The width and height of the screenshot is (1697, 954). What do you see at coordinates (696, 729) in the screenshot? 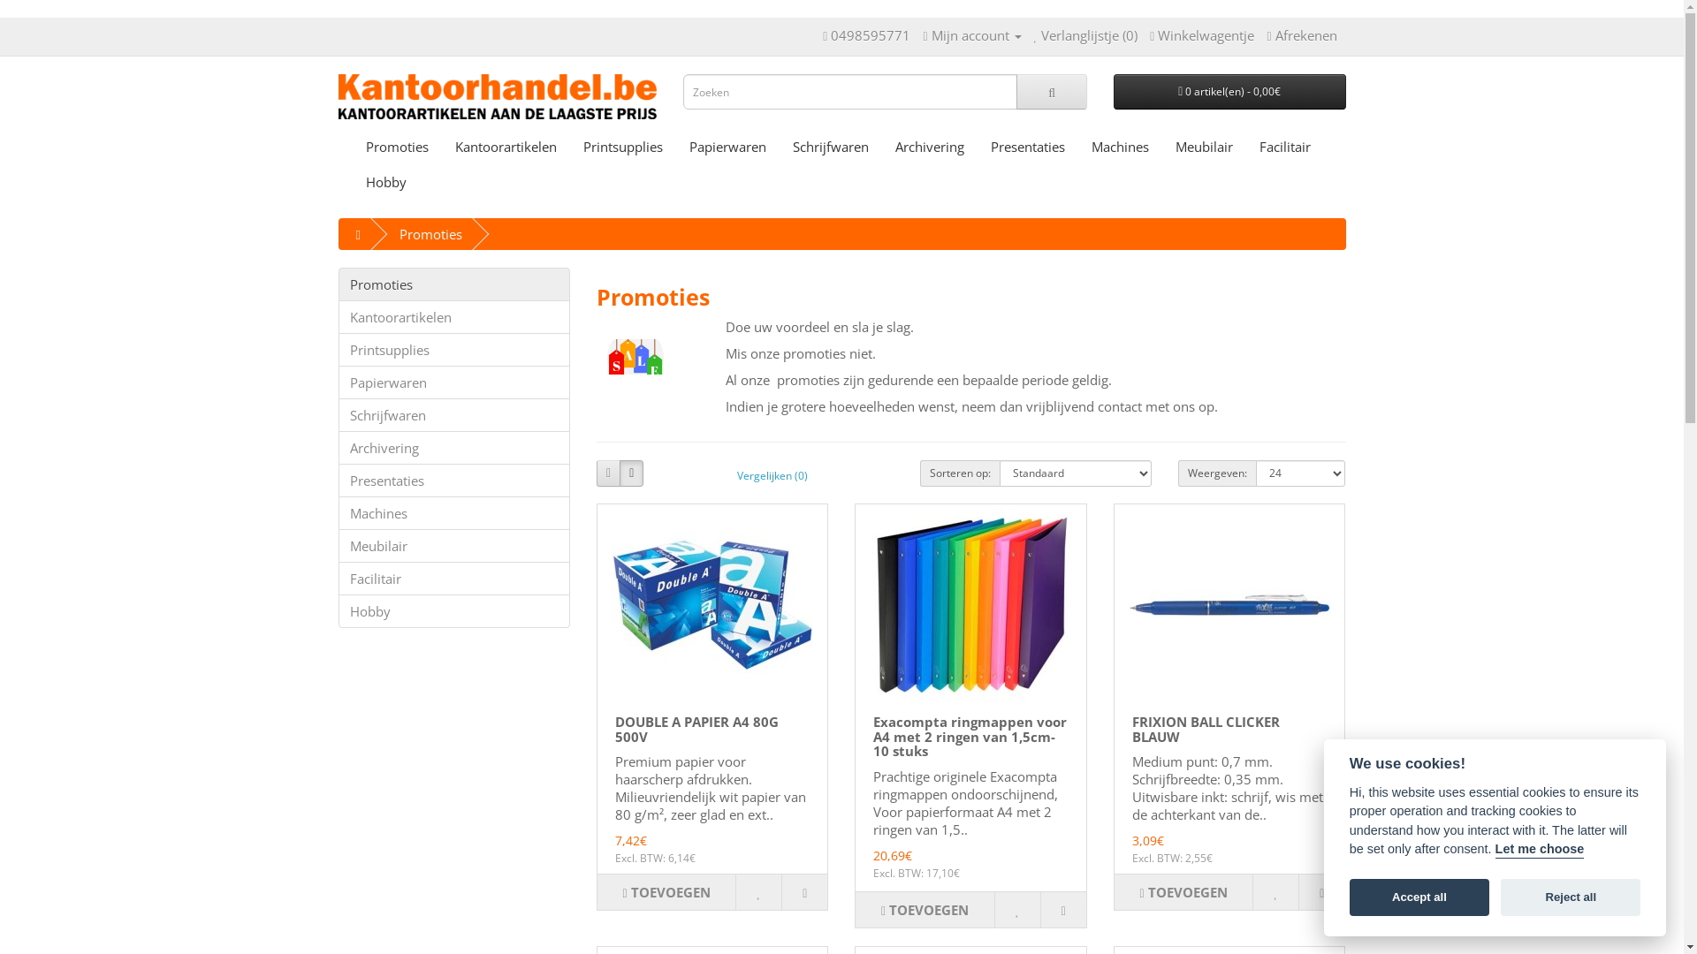
I see `'DOUBLE A PAPIER A4 80G 500V'` at bounding box center [696, 729].